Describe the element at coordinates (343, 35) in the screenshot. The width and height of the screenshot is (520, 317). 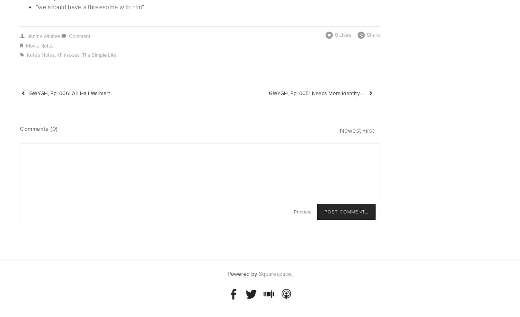
I see `'0 Likes'` at that location.